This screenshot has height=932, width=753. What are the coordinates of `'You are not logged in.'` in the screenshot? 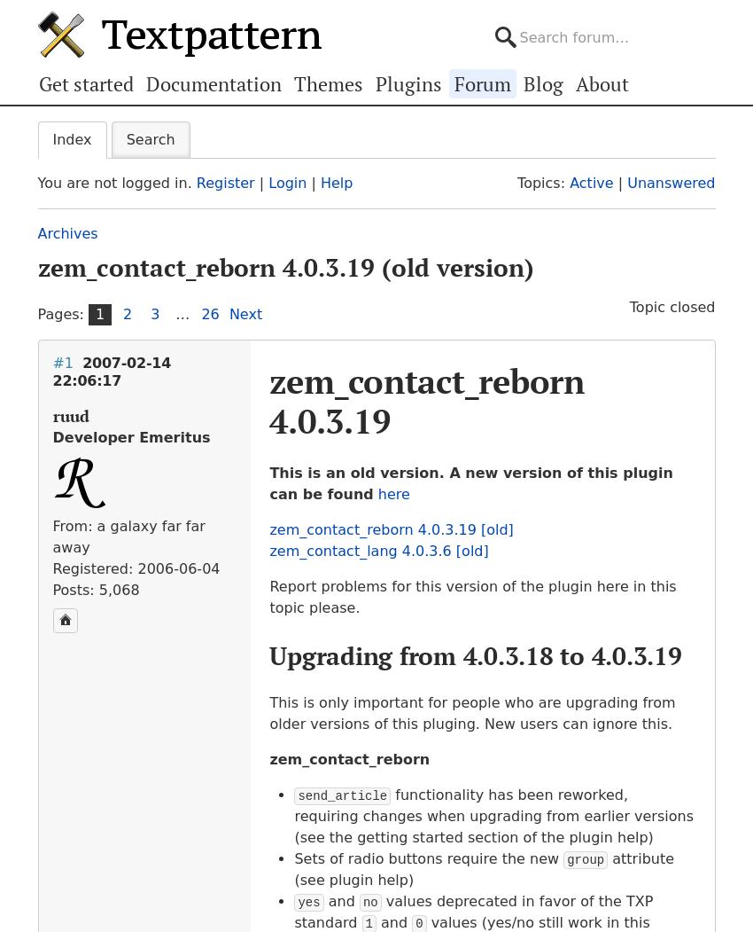 It's located at (116, 182).